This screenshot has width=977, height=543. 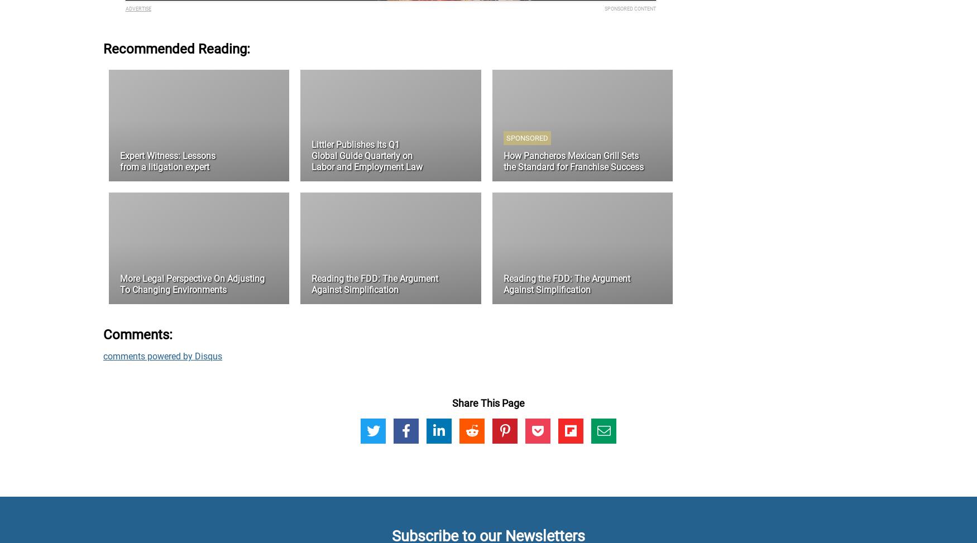 What do you see at coordinates (572, 161) in the screenshot?
I see `'How Pancheros Mexican Grill Sets the Standard for Franchise Success'` at bounding box center [572, 161].